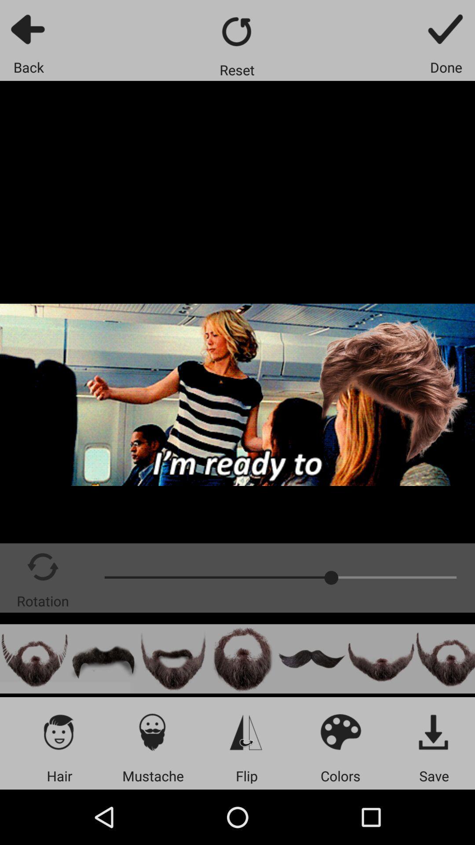 This screenshot has height=845, width=475. Describe the element at coordinates (152, 731) in the screenshot. I see `mustaches` at that location.